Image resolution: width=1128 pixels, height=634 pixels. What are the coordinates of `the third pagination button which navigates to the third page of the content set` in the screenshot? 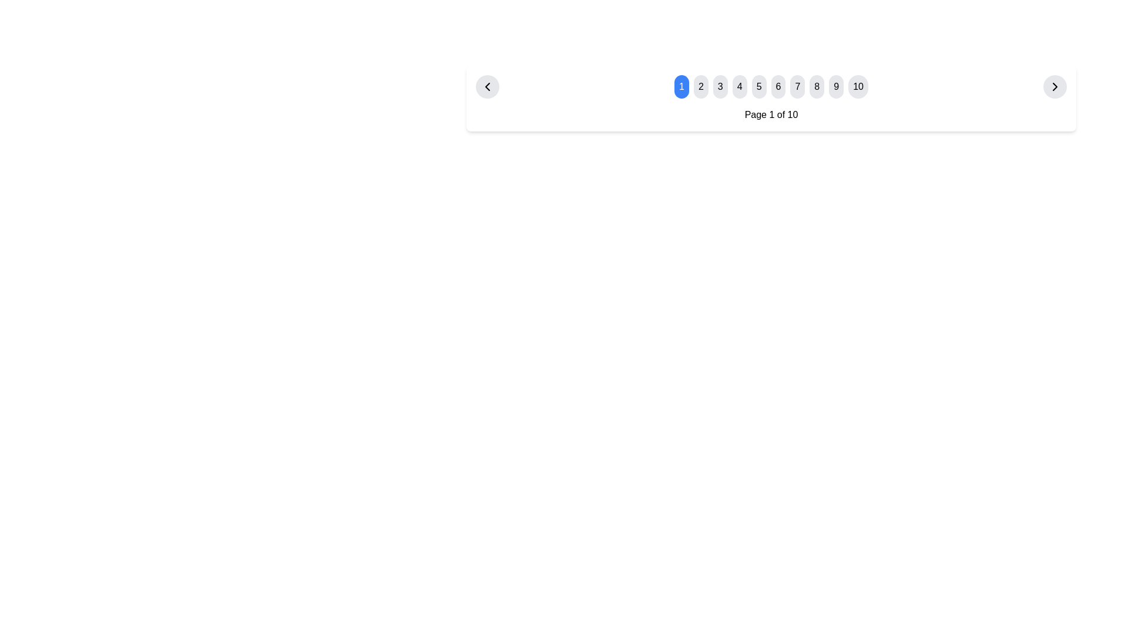 It's located at (720, 86).